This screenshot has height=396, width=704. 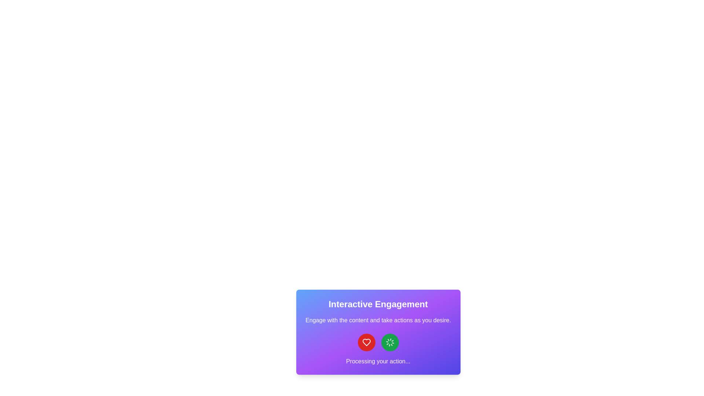 What do you see at coordinates (389, 342) in the screenshot?
I see `the circular green button with a spinning loader icon located to the right of the red button in the purple gradient section at the bottom of the interface` at bounding box center [389, 342].